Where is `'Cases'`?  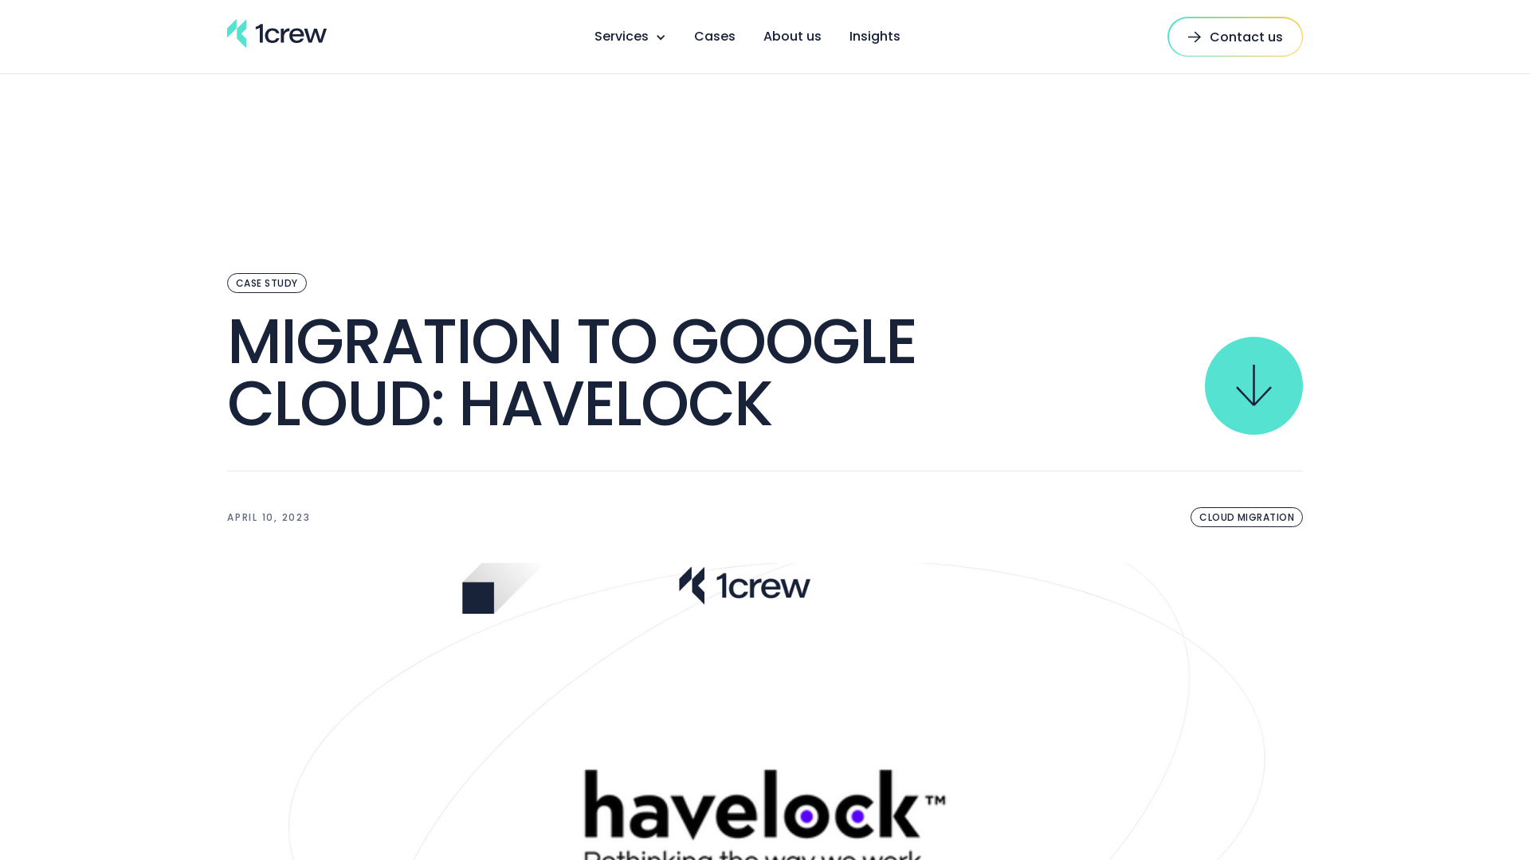 'Cases' is located at coordinates (713, 36).